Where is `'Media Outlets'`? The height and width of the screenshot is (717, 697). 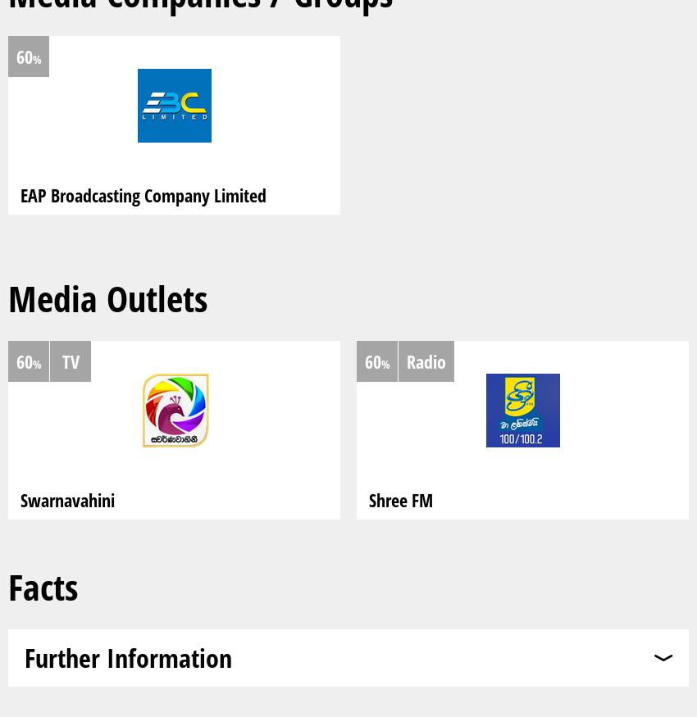 'Media Outlets' is located at coordinates (107, 298).